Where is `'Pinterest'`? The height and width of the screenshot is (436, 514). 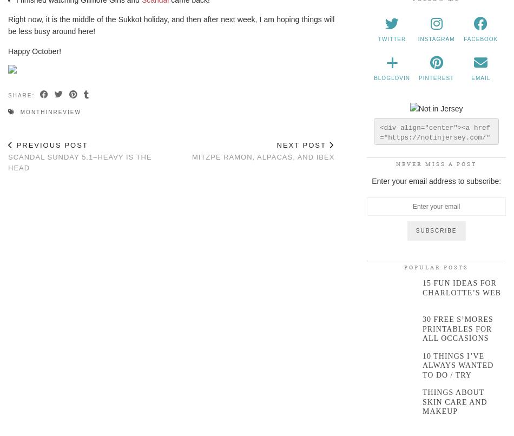 'Pinterest' is located at coordinates (436, 77).